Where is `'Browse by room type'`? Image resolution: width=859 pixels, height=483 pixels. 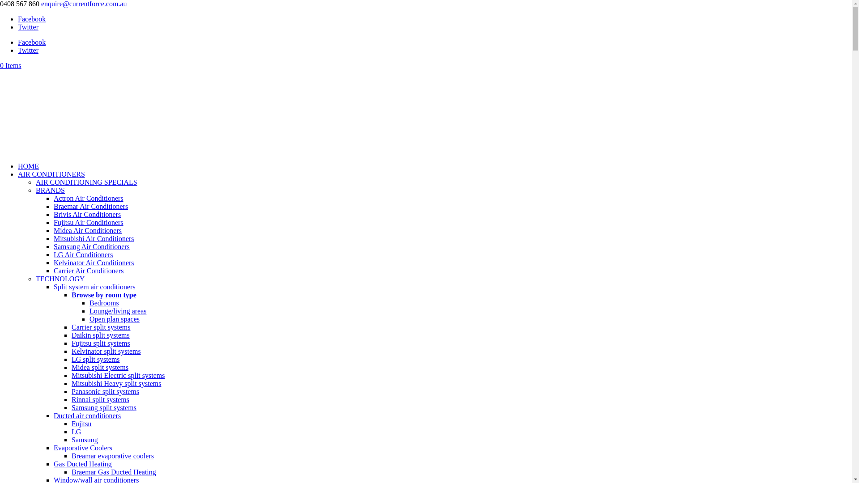
'Browse by room type' is located at coordinates (104, 295).